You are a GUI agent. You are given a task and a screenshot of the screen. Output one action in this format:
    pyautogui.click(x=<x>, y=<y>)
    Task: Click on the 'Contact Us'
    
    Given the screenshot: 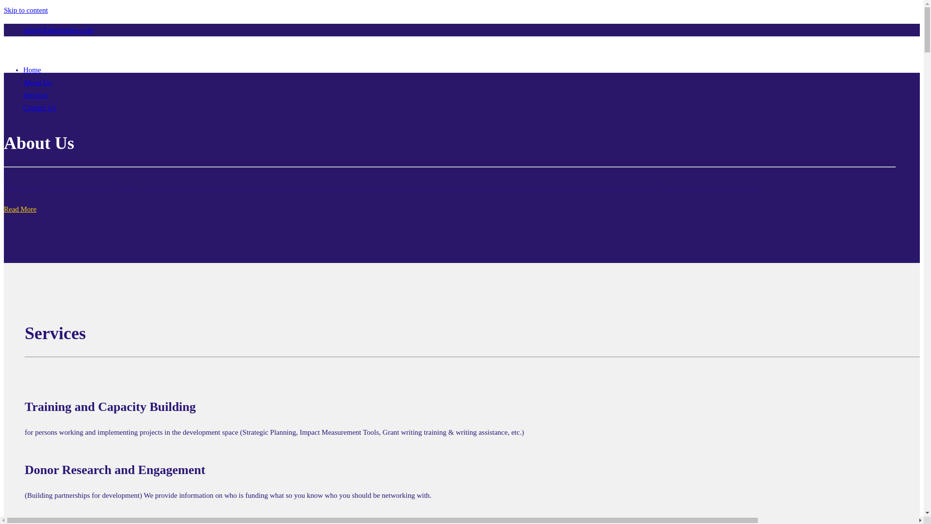 What is the action you would take?
    pyautogui.click(x=39, y=108)
    